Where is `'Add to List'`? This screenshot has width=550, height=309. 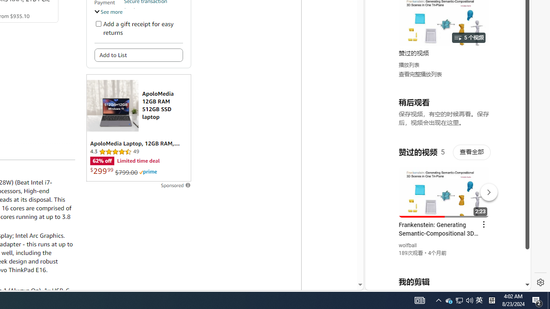 'Add to List' is located at coordinates (138, 55).